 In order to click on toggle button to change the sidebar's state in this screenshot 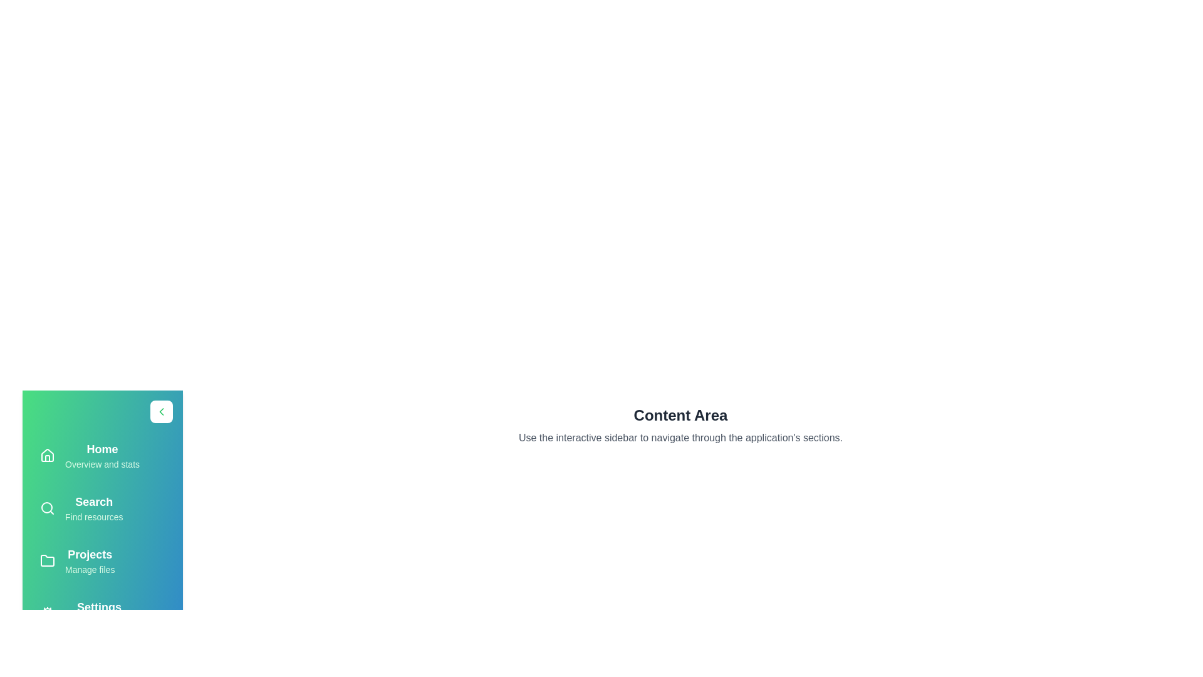, I will do `click(161, 411)`.